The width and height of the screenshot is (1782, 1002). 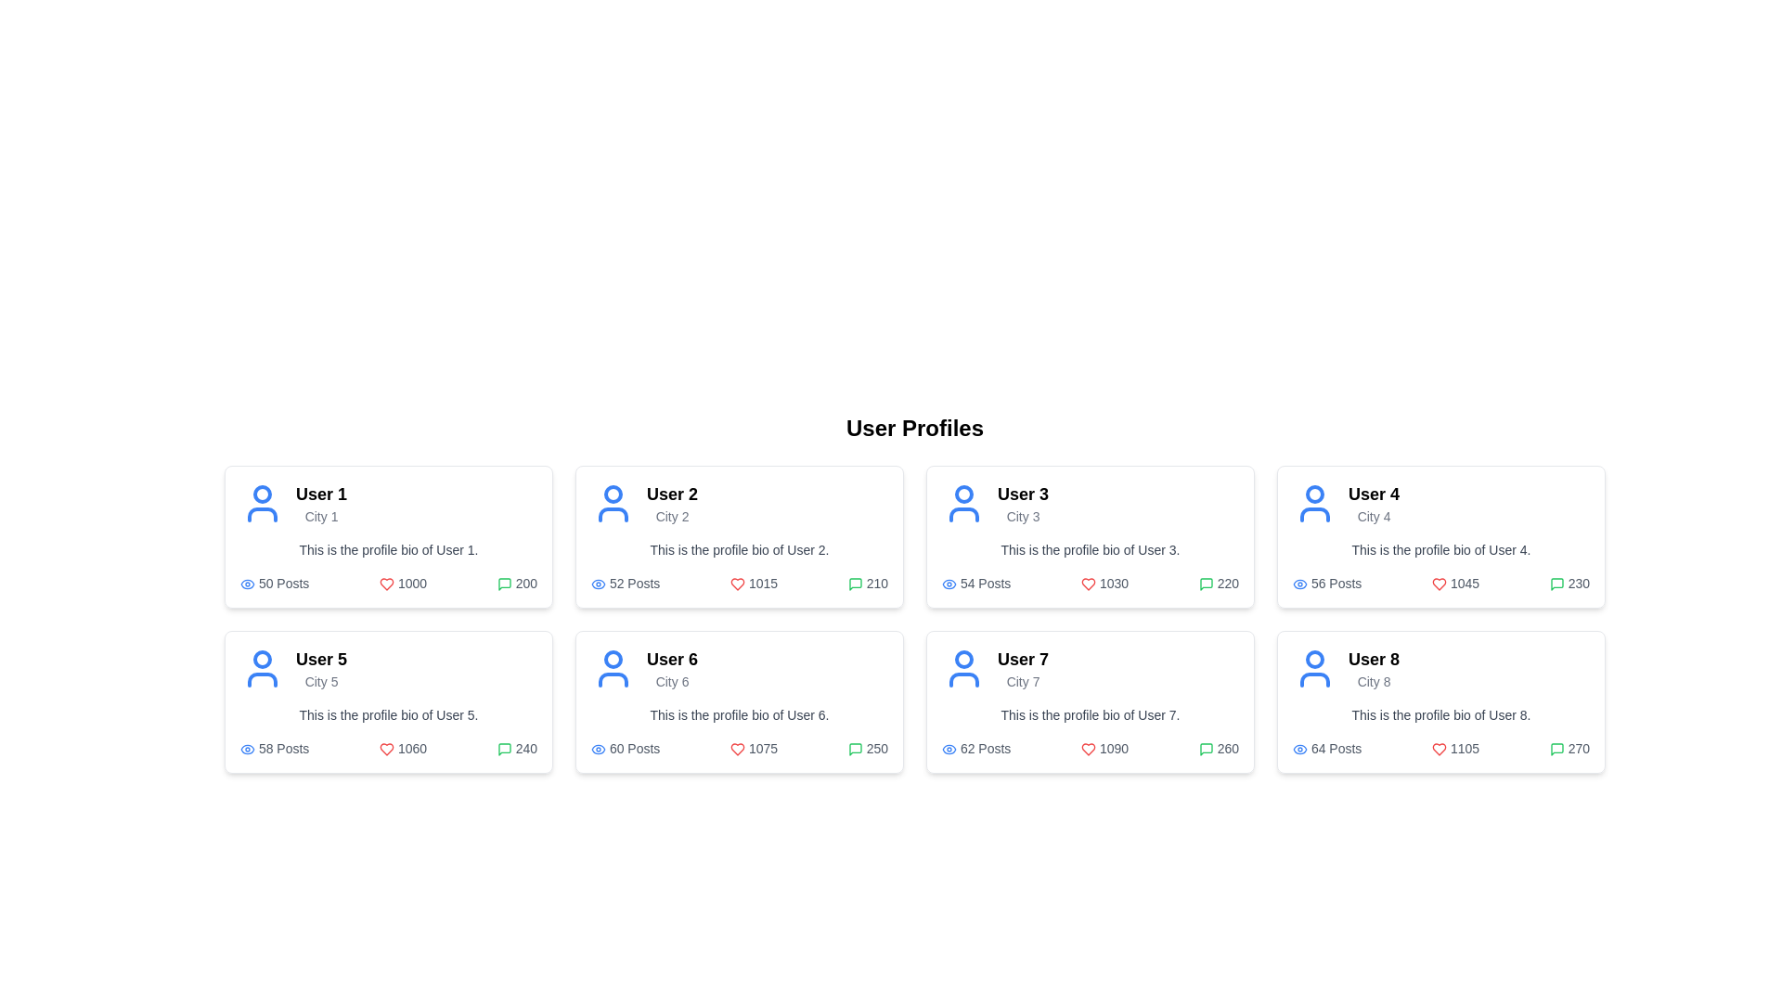 I want to click on the text label displaying 'User 8' and 'City 8', located at the bottom-right corner of the interface, within the last profile card in the grid layout, so click(x=1374, y=669).